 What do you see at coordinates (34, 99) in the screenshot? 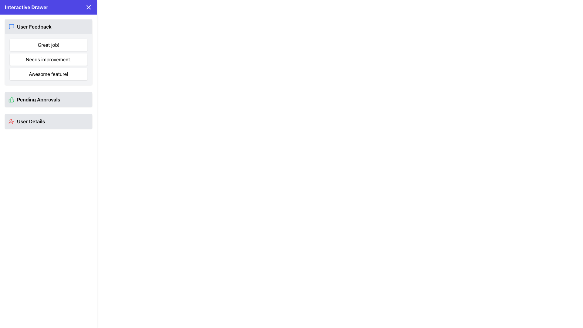
I see `the Interactive Label with Icon displaying 'Pending Approvals' which features a green thumbs-up icon and is located in the Interactive Drawer component` at bounding box center [34, 99].